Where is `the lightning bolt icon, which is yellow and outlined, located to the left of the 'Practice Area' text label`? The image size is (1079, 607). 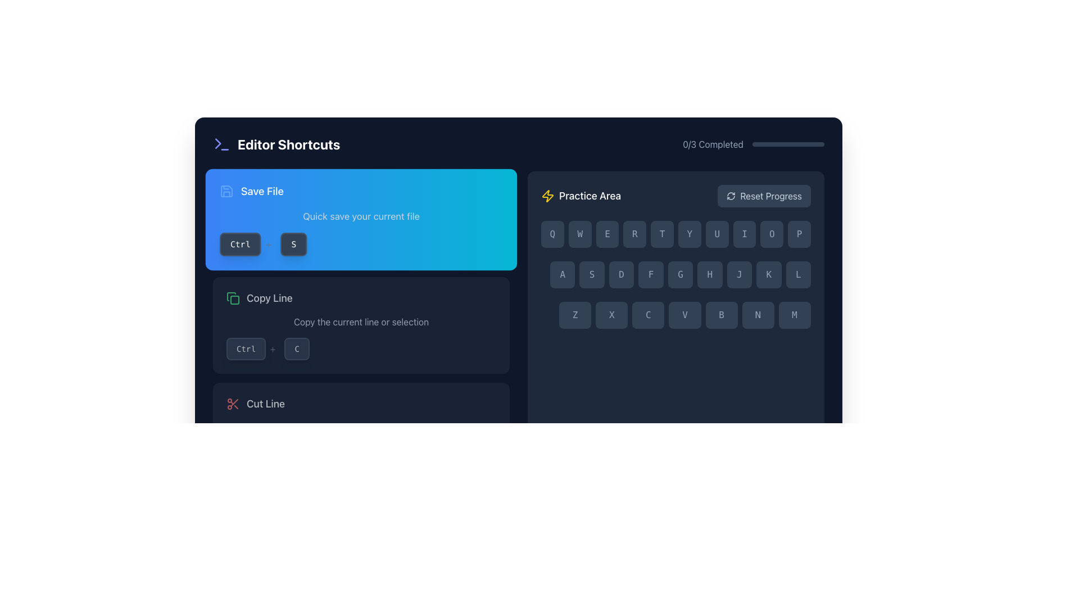
the lightning bolt icon, which is yellow and outlined, located to the left of the 'Practice Area' text label is located at coordinates (547, 195).